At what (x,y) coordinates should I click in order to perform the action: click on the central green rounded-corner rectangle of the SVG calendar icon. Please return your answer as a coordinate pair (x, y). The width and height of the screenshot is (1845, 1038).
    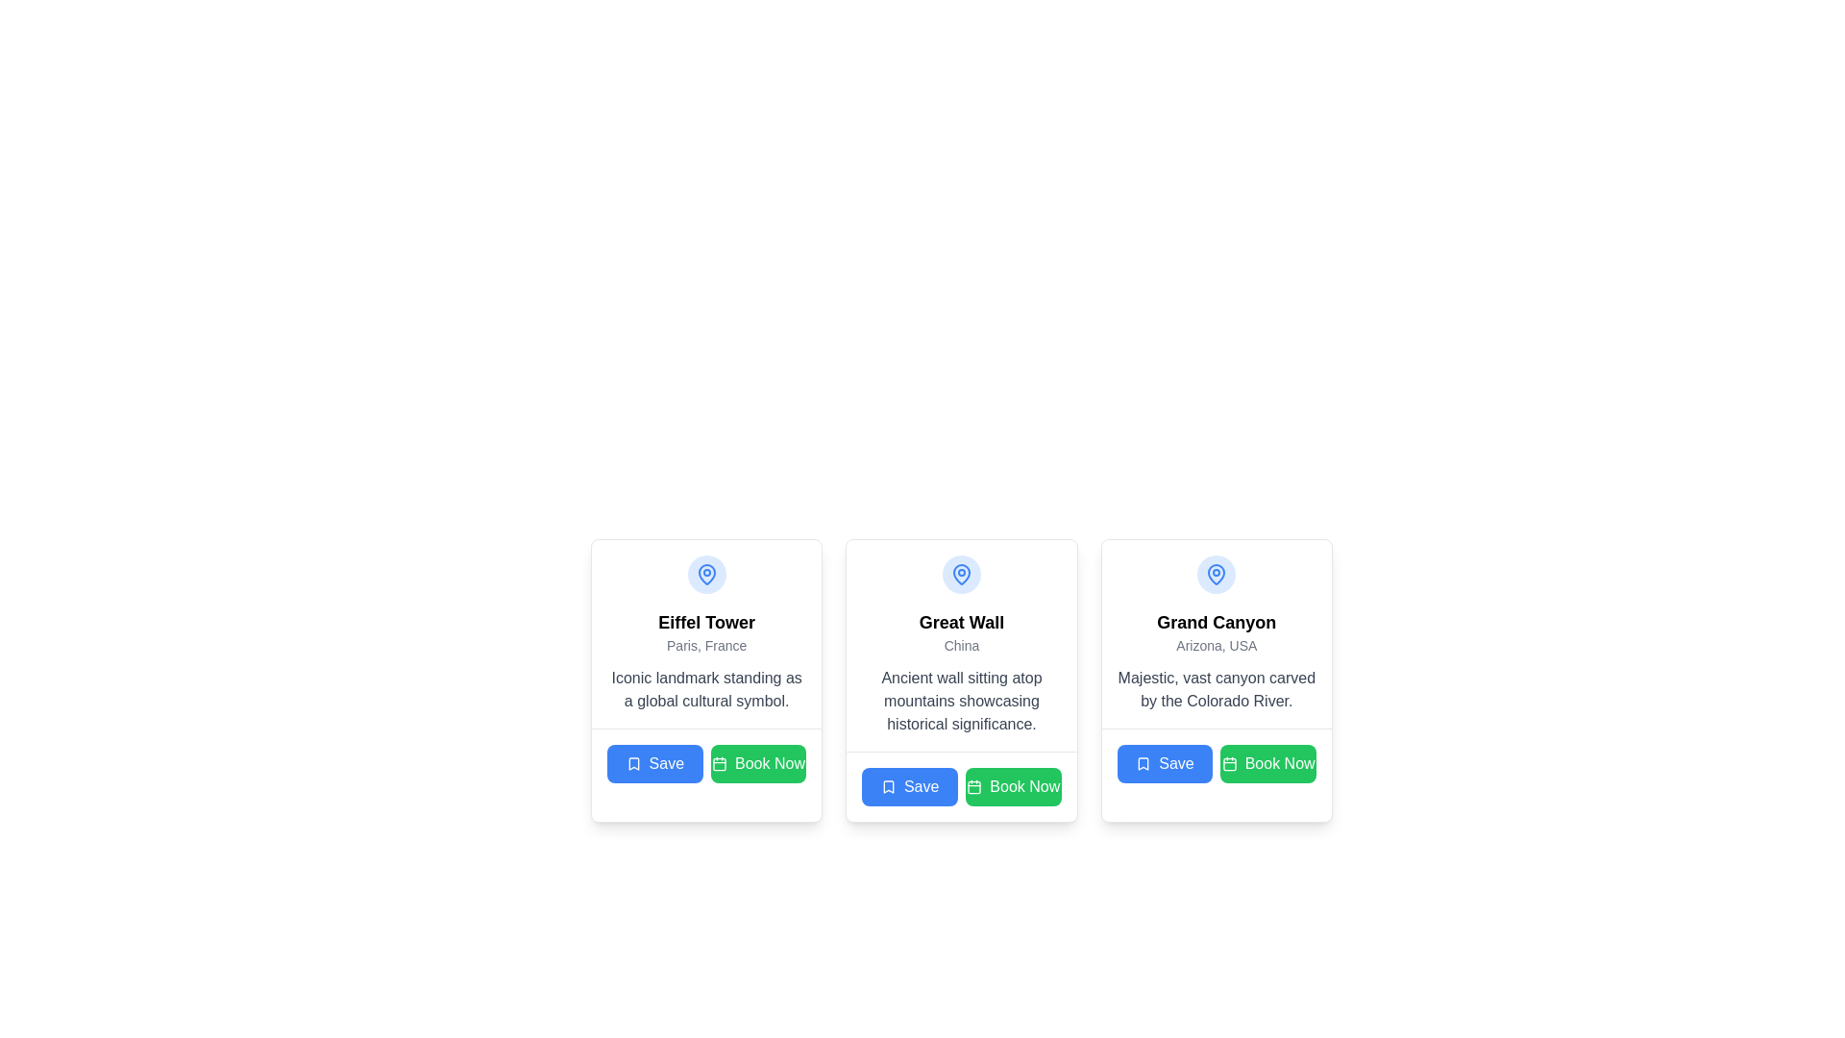
    Looking at the image, I should click on (718, 763).